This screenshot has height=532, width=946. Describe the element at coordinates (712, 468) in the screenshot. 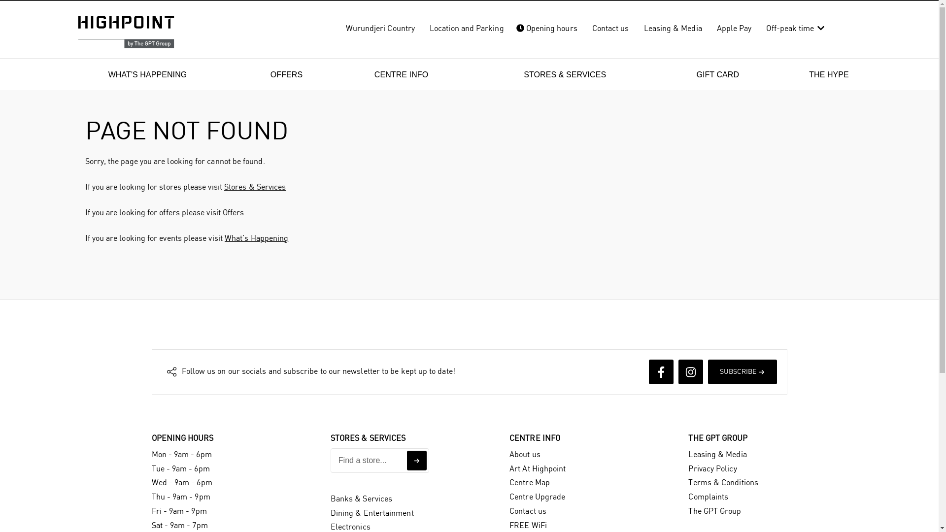

I see `'Privacy Policy'` at that location.